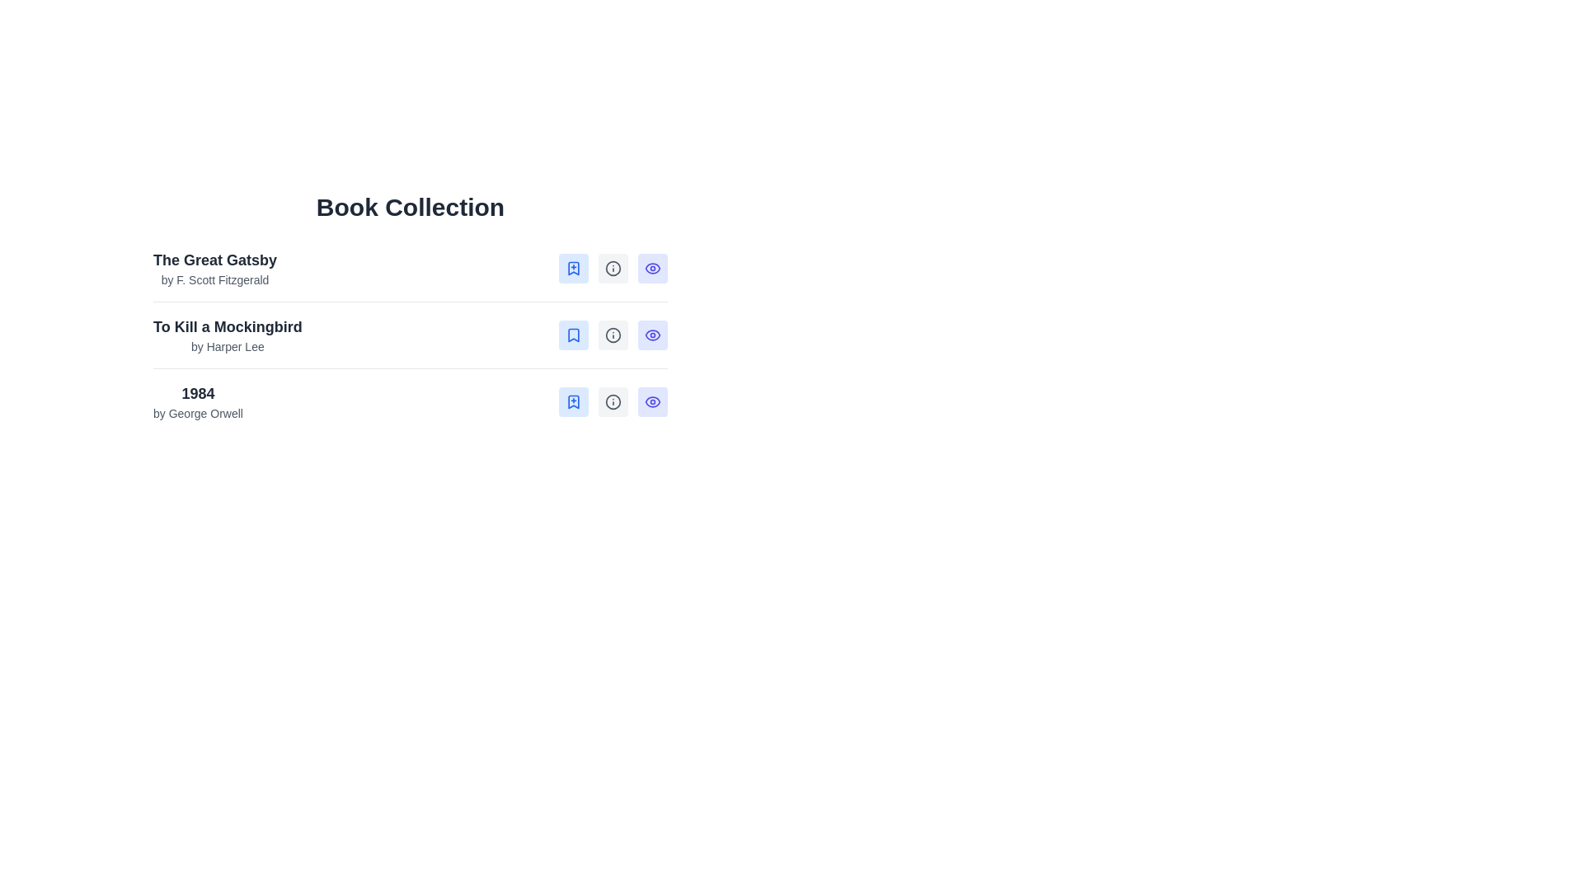  I want to click on the interactive bookmark icon button with a blue stroke and plus symbol to bookmark 'The Great Gatsby' by F. Scott Fitzgerald, so click(574, 268).